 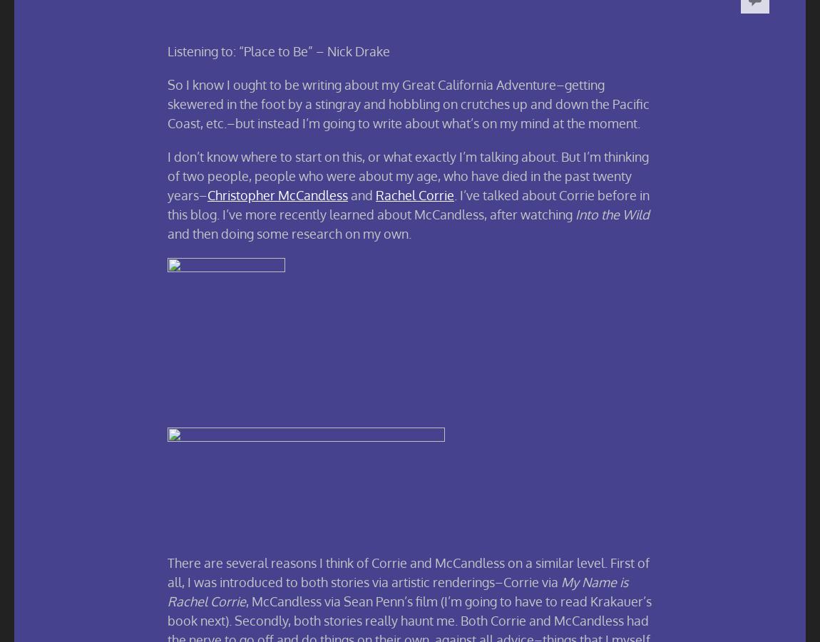 I want to click on 'Listening to: “Place to Be” – Nick Drake', so click(x=279, y=50).